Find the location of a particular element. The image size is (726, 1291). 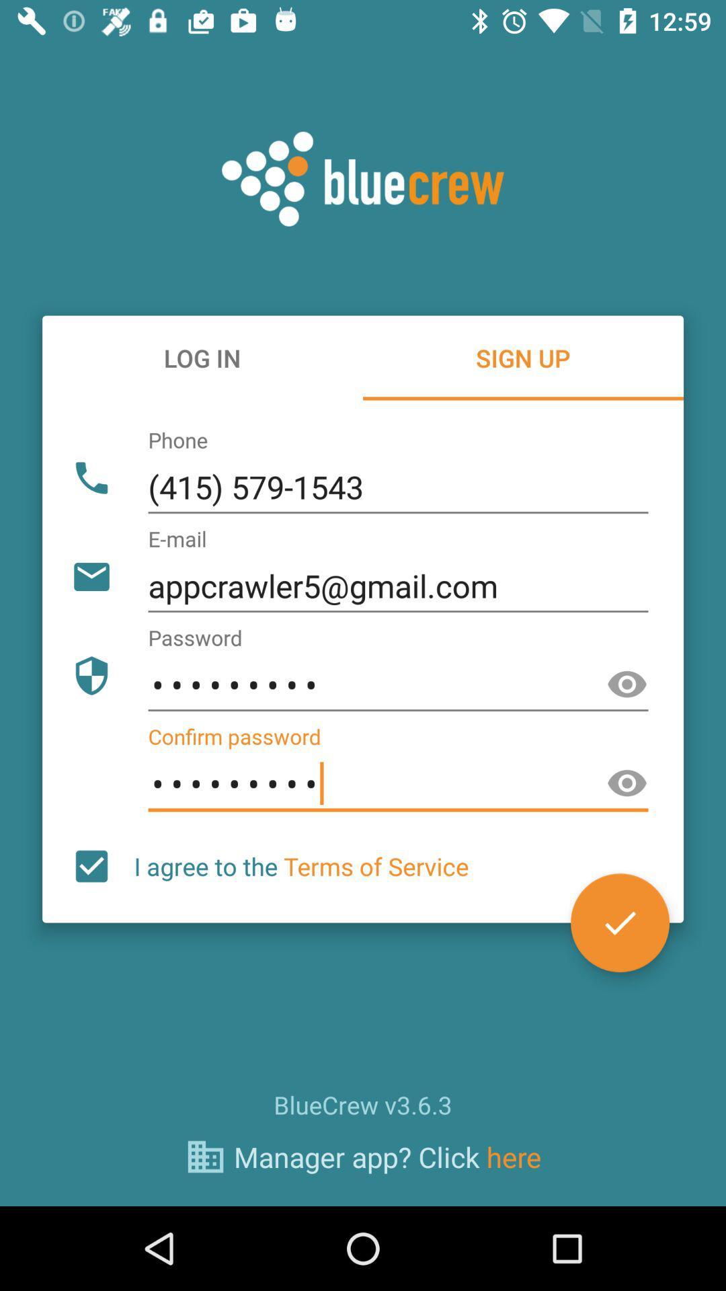

the item below log in item is located at coordinates (397, 487).